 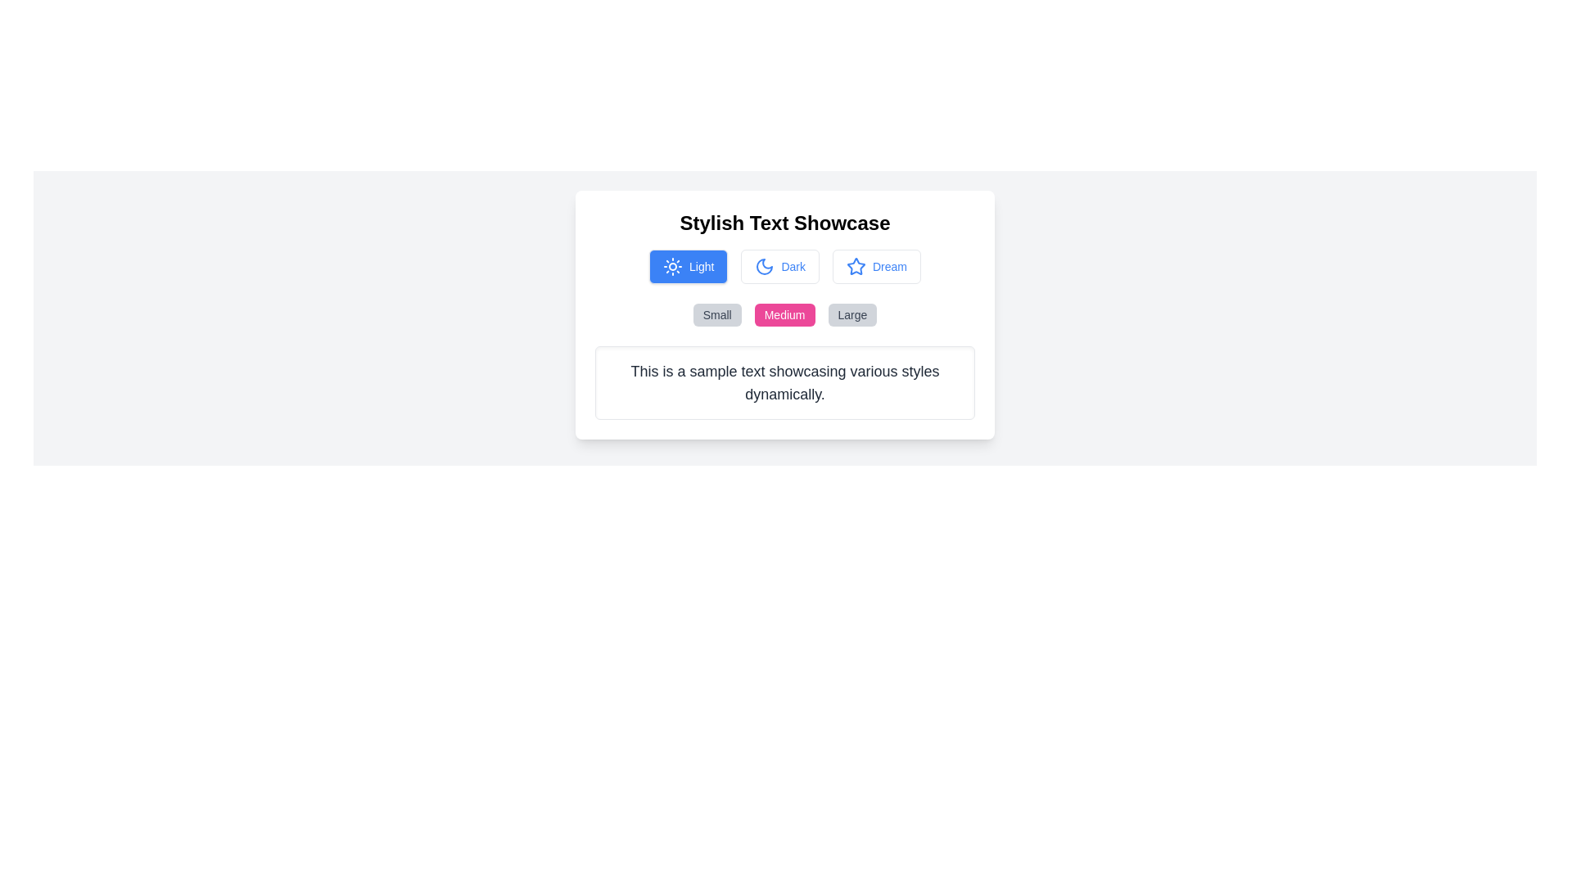 I want to click on to select the 'Medium' size option in the Toggle group located below the 'Light', 'Dark', and 'Dream' buttons, so click(x=784, y=315).